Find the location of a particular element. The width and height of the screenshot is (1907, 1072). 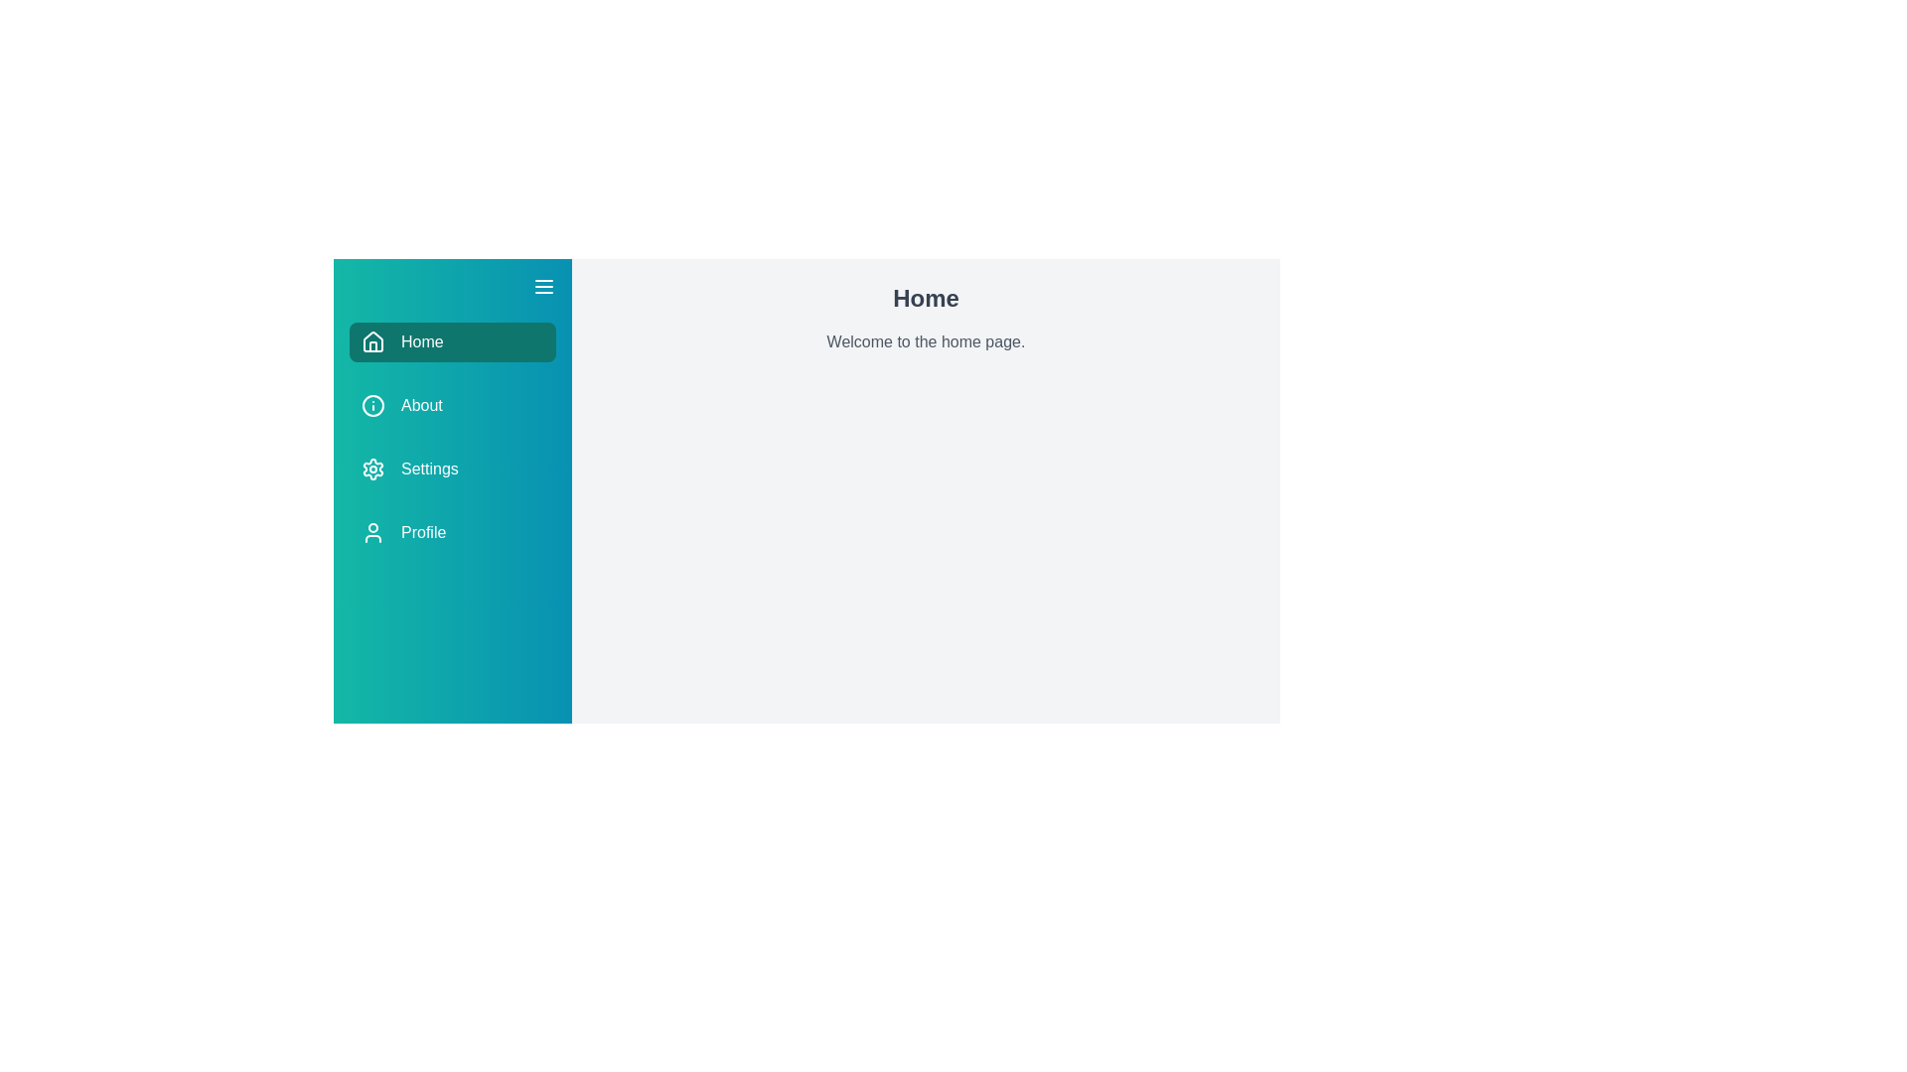

the Settings section from the drawer menu is located at coordinates (452, 469).